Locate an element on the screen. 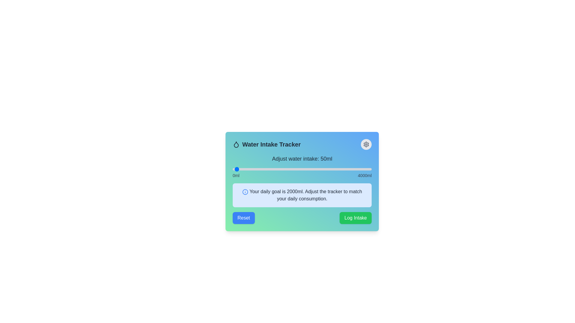  the 'Log Intake' button, which is a rectangular button with rounded corners, a green background, and white text, located towards the bottom-right of the 'Water Intake Tracker' interface is located at coordinates (355, 218).